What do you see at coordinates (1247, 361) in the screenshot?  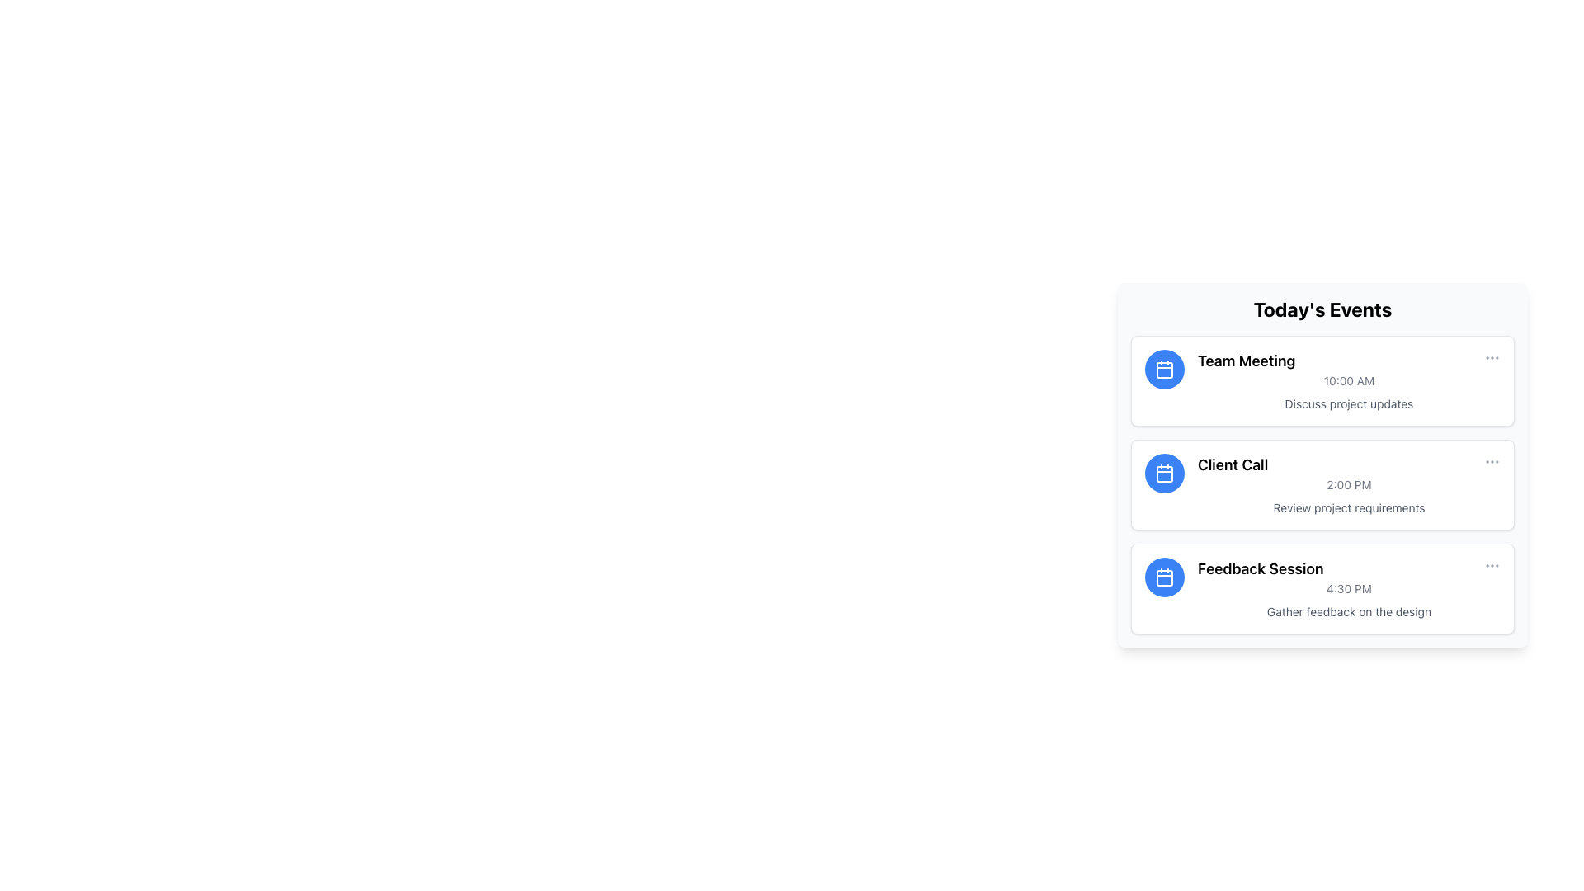 I see `the text label that serves as the title of the event 'Team Meeting' located in the top-left region of the first event card under 'Today's Events'` at bounding box center [1247, 361].